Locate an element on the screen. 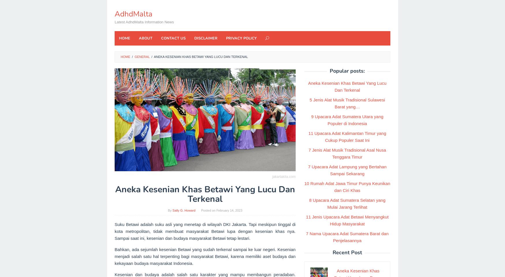 The image size is (505, 277). 'By' is located at coordinates (170, 210).